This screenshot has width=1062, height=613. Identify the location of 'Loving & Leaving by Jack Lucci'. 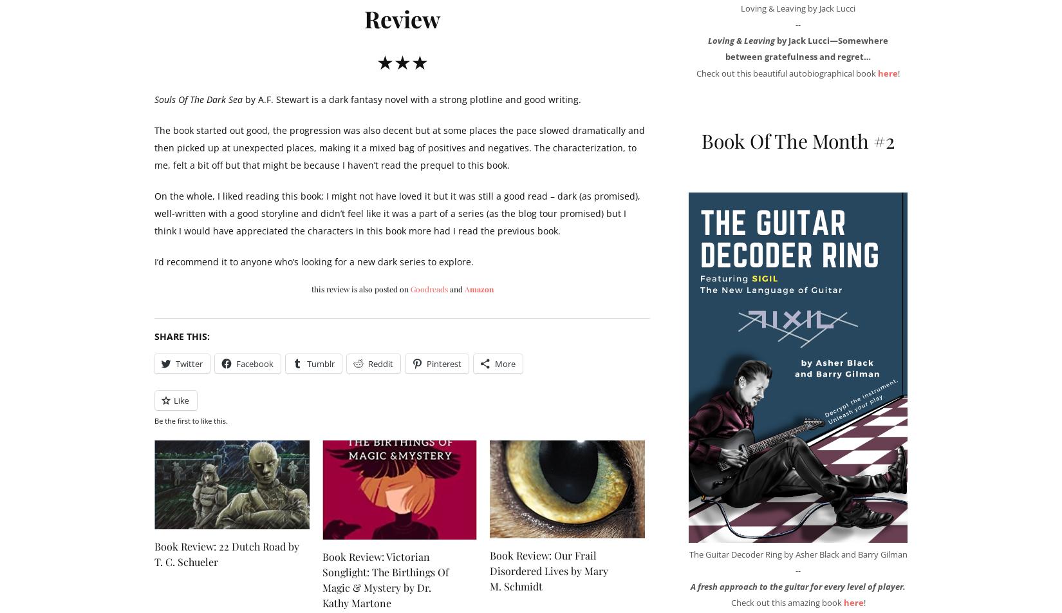
(797, 8).